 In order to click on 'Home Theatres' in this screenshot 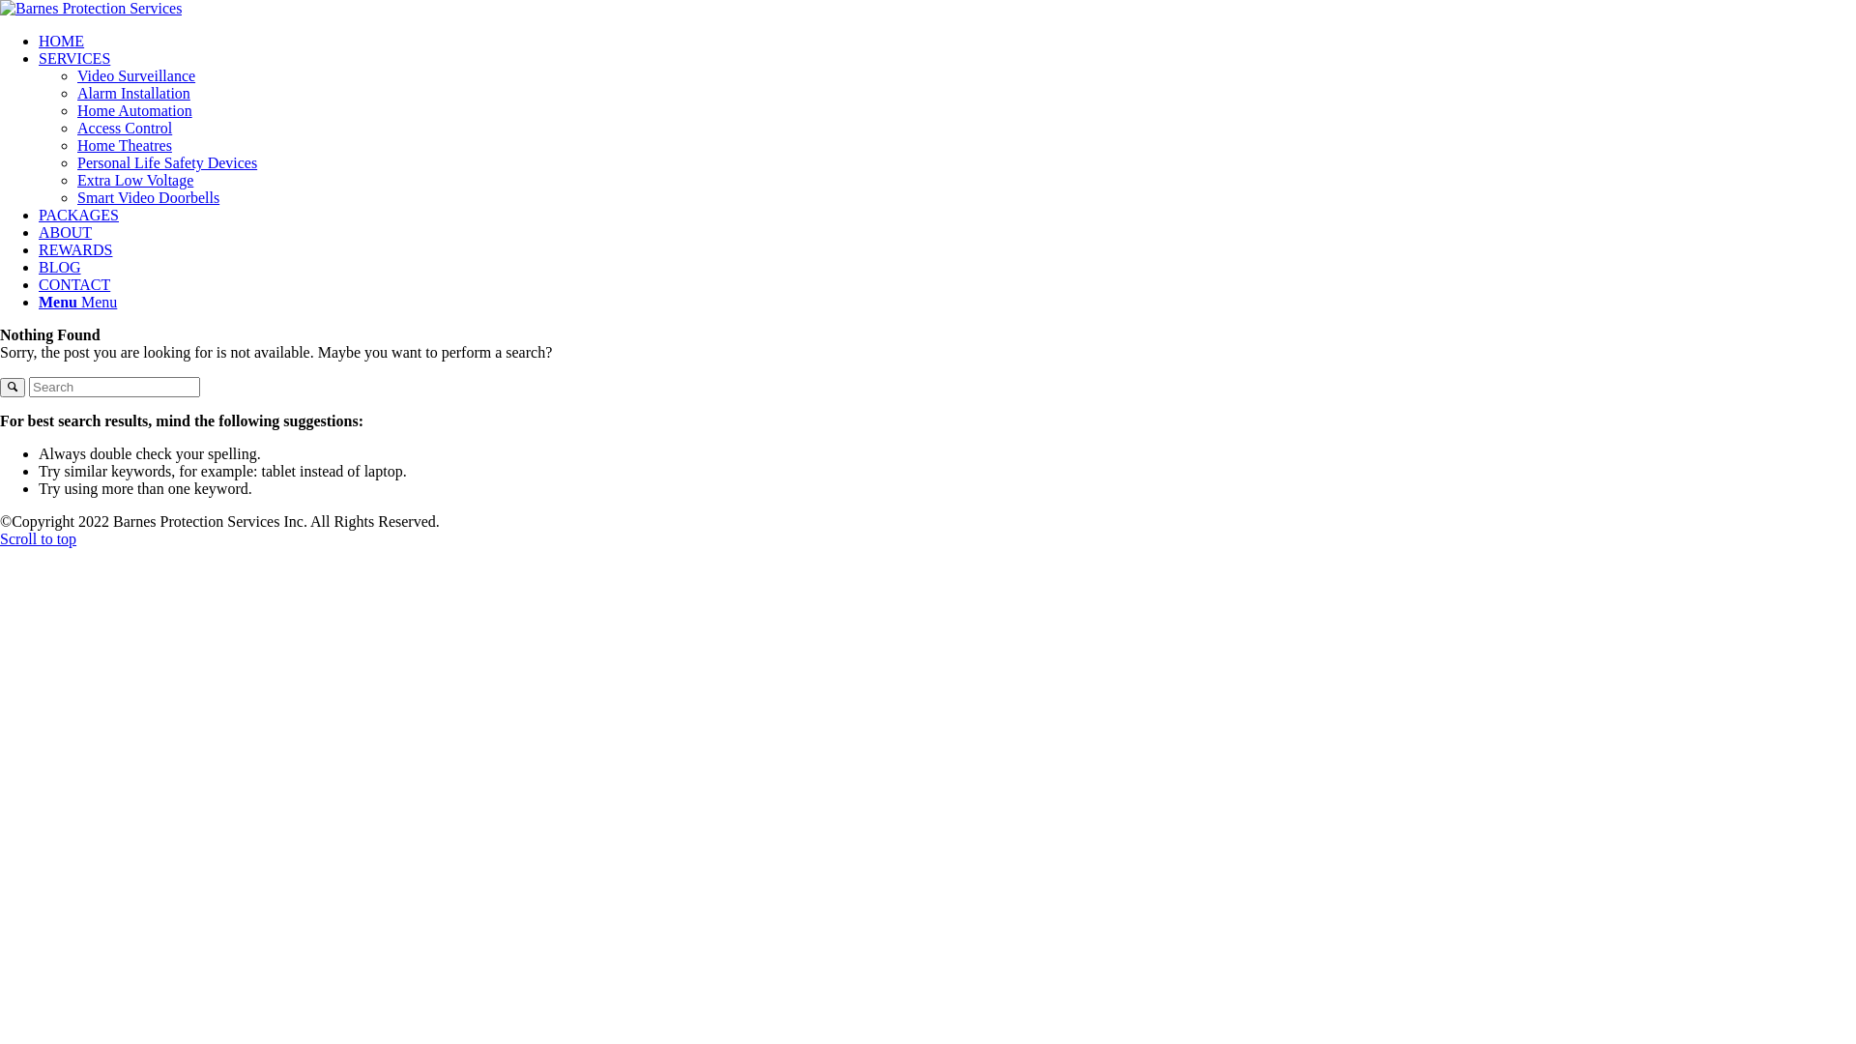, I will do `click(124, 144)`.